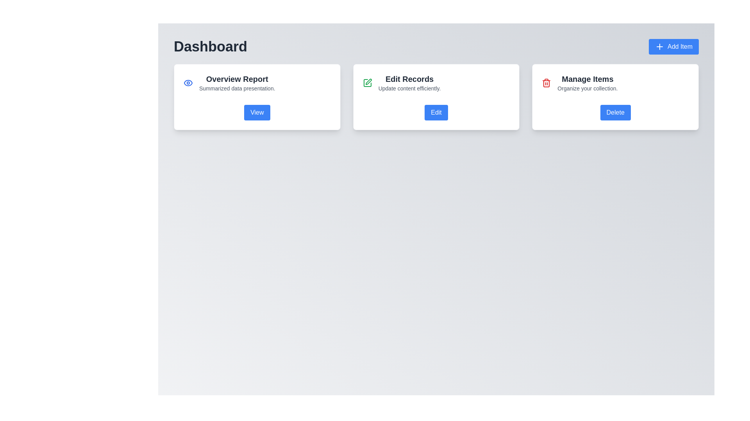 This screenshot has height=421, width=750. What do you see at coordinates (237, 79) in the screenshot?
I see `text label displaying 'Overview Report' in bold, large text located at the top of the left-most card layout` at bounding box center [237, 79].